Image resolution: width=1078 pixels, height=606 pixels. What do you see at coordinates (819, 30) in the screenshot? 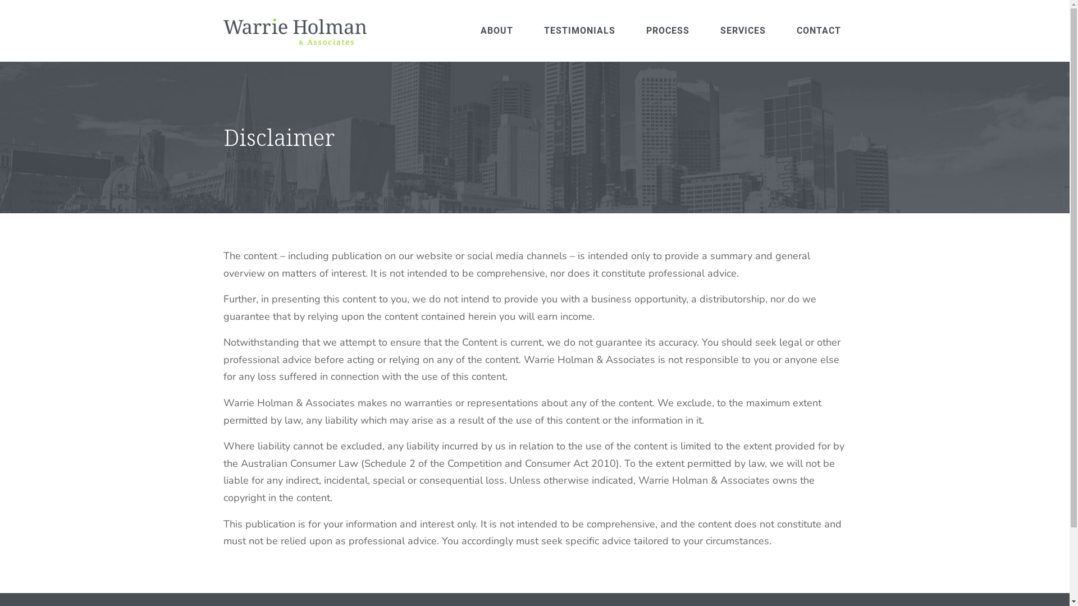
I see `'CONTACT'` at bounding box center [819, 30].